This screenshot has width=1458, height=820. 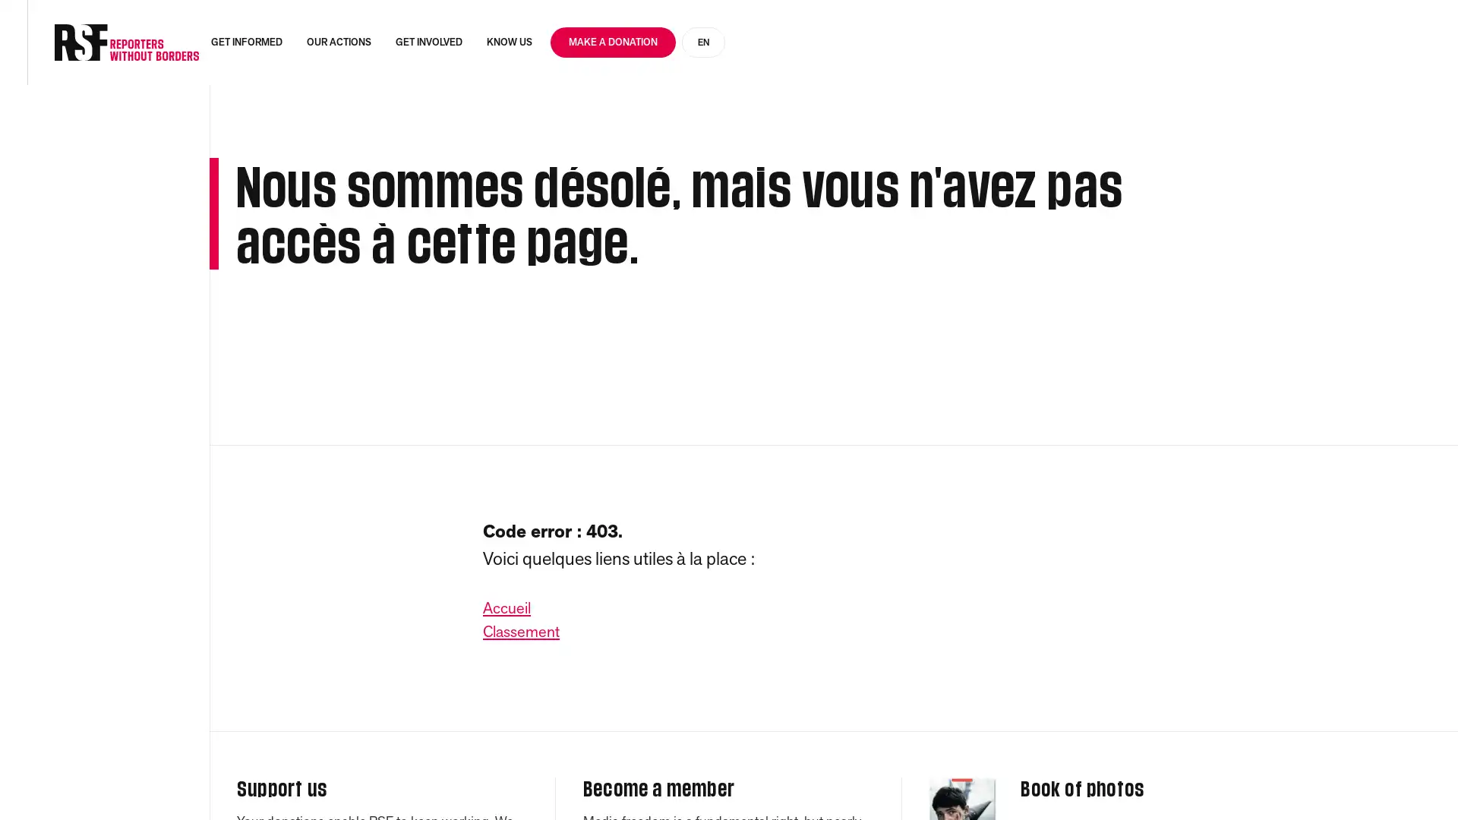 What do you see at coordinates (1226, 781) in the screenshot?
I see `Personalise (modal window)` at bounding box center [1226, 781].